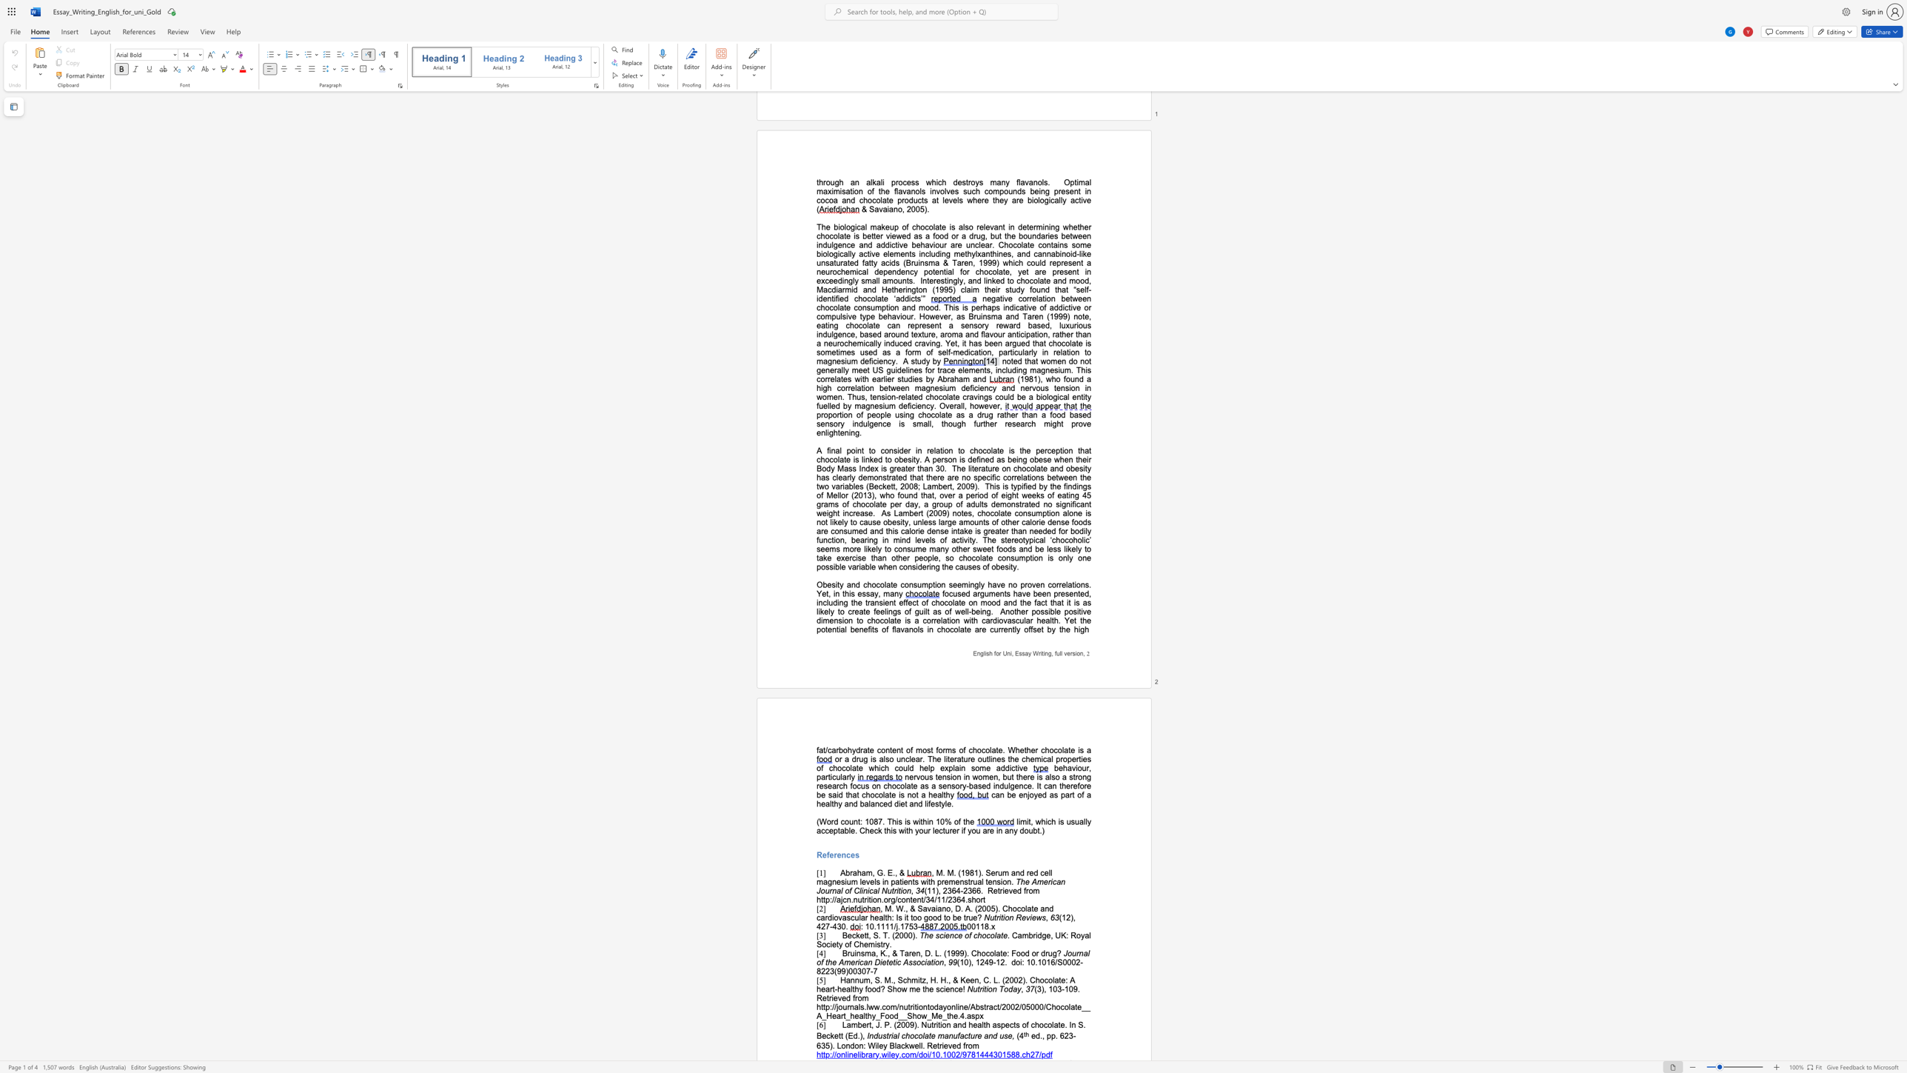  What do you see at coordinates (959, 953) in the screenshot?
I see `the subset text "9). Chocolate: Food or drug?" within the text "Bruinsma, K., & Taren, D. L. (1999). Chocolate: Food or drug?"` at bounding box center [959, 953].